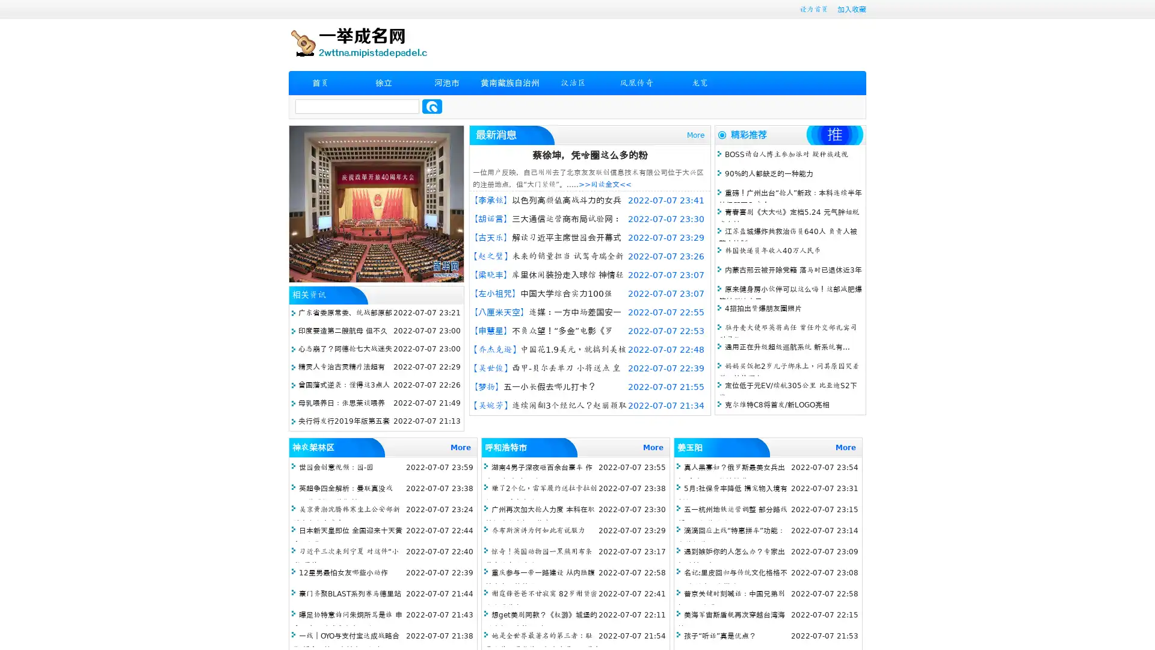 This screenshot has width=1155, height=650. What do you see at coordinates (432, 106) in the screenshot?
I see `Search` at bounding box center [432, 106].